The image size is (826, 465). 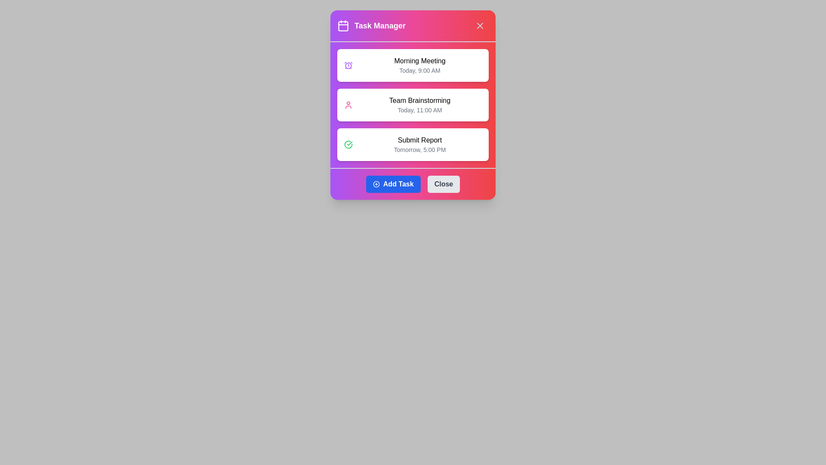 I want to click on the largest SVG circle graphic element located at the top-left corner of the 'Task Manager' pop-up window, which serves as a decorative or structural component of the task manager header, so click(x=376, y=184).